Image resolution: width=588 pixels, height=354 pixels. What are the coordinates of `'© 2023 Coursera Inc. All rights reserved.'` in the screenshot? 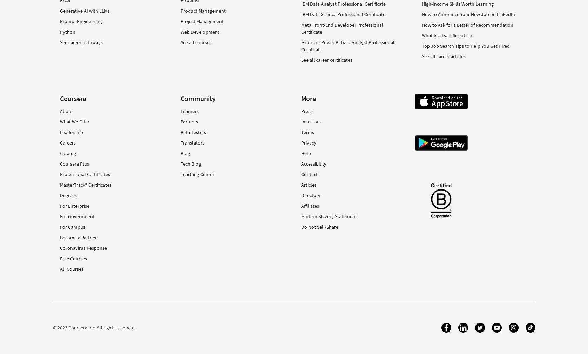 It's located at (94, 327).